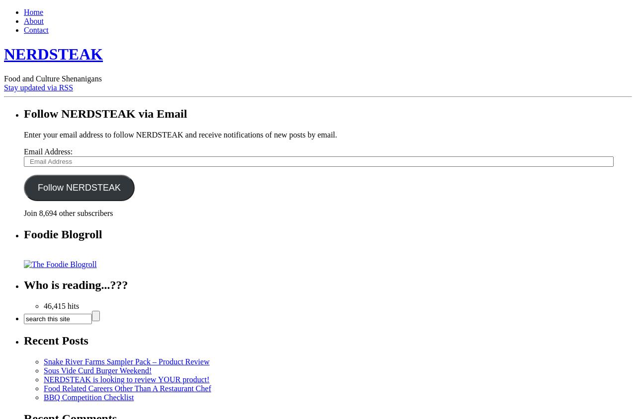  Describe the element at coordinates (126, 361) in the screenshot. I see `'Snake River Farms Sampler Pack – Product Review'` at that location.